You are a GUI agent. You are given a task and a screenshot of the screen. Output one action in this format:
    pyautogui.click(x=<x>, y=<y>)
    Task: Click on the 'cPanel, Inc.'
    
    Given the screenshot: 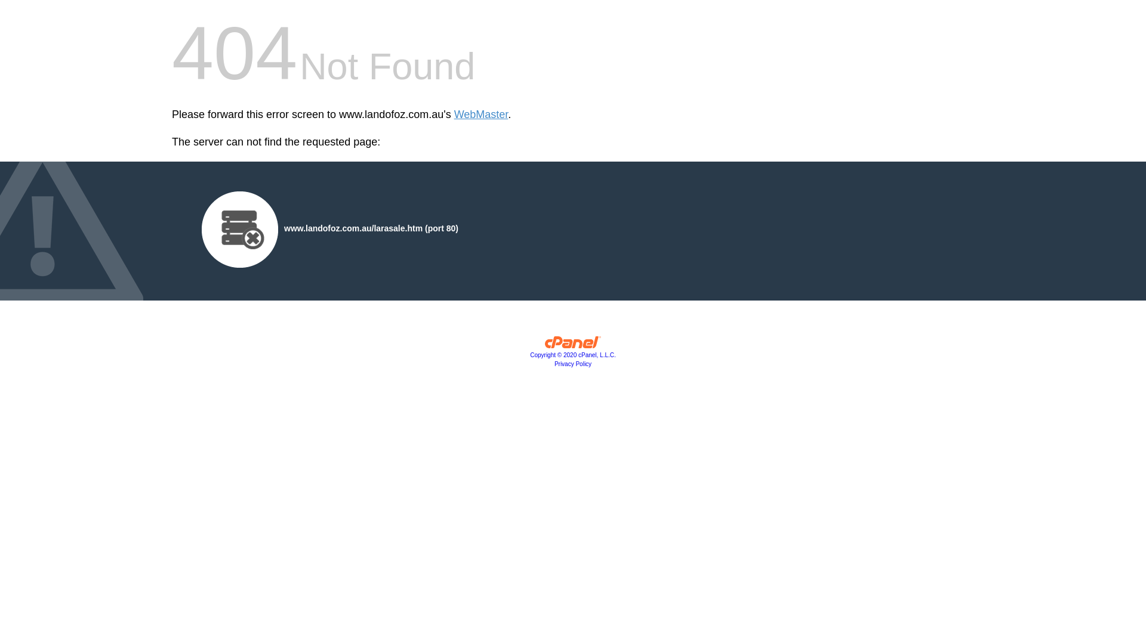 What is the action you would take?
    pyautogui.click(x=544, y=345)
    